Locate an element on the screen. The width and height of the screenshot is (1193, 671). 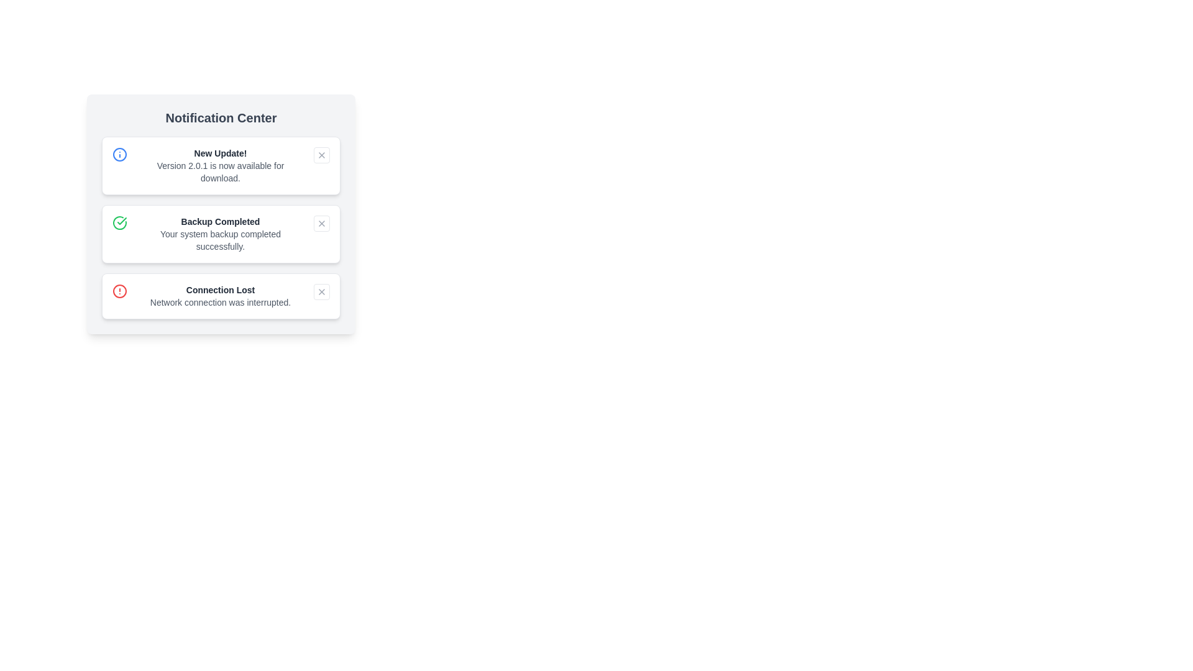
the close button icon (styled as an 'X') located to the far right of the 'Backup Completed' notification in the 'Notification Center' is located at coordinates (322, 222).